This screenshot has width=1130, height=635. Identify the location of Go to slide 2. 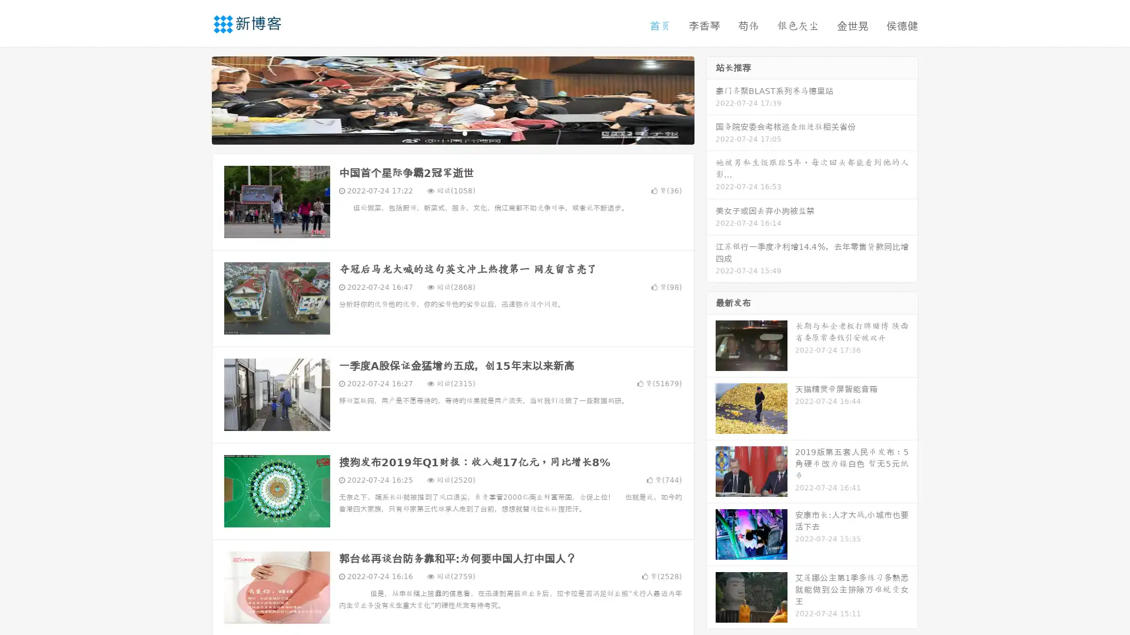
(452, 132).